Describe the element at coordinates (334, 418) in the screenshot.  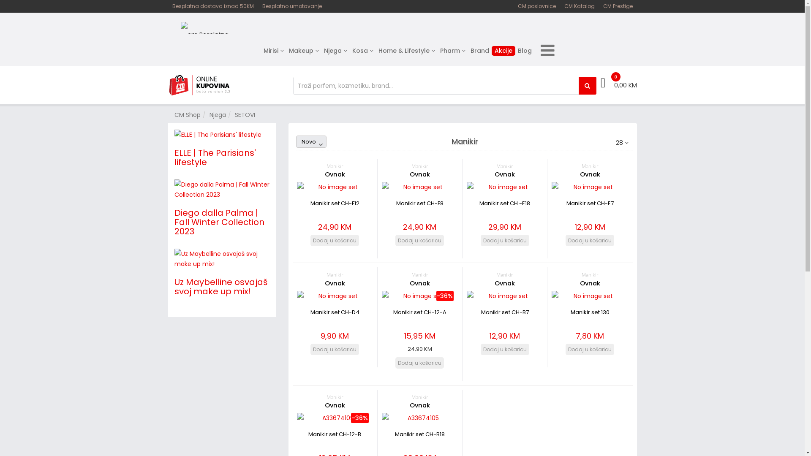
I see `'Manikir set CH-12-B'` at that location.